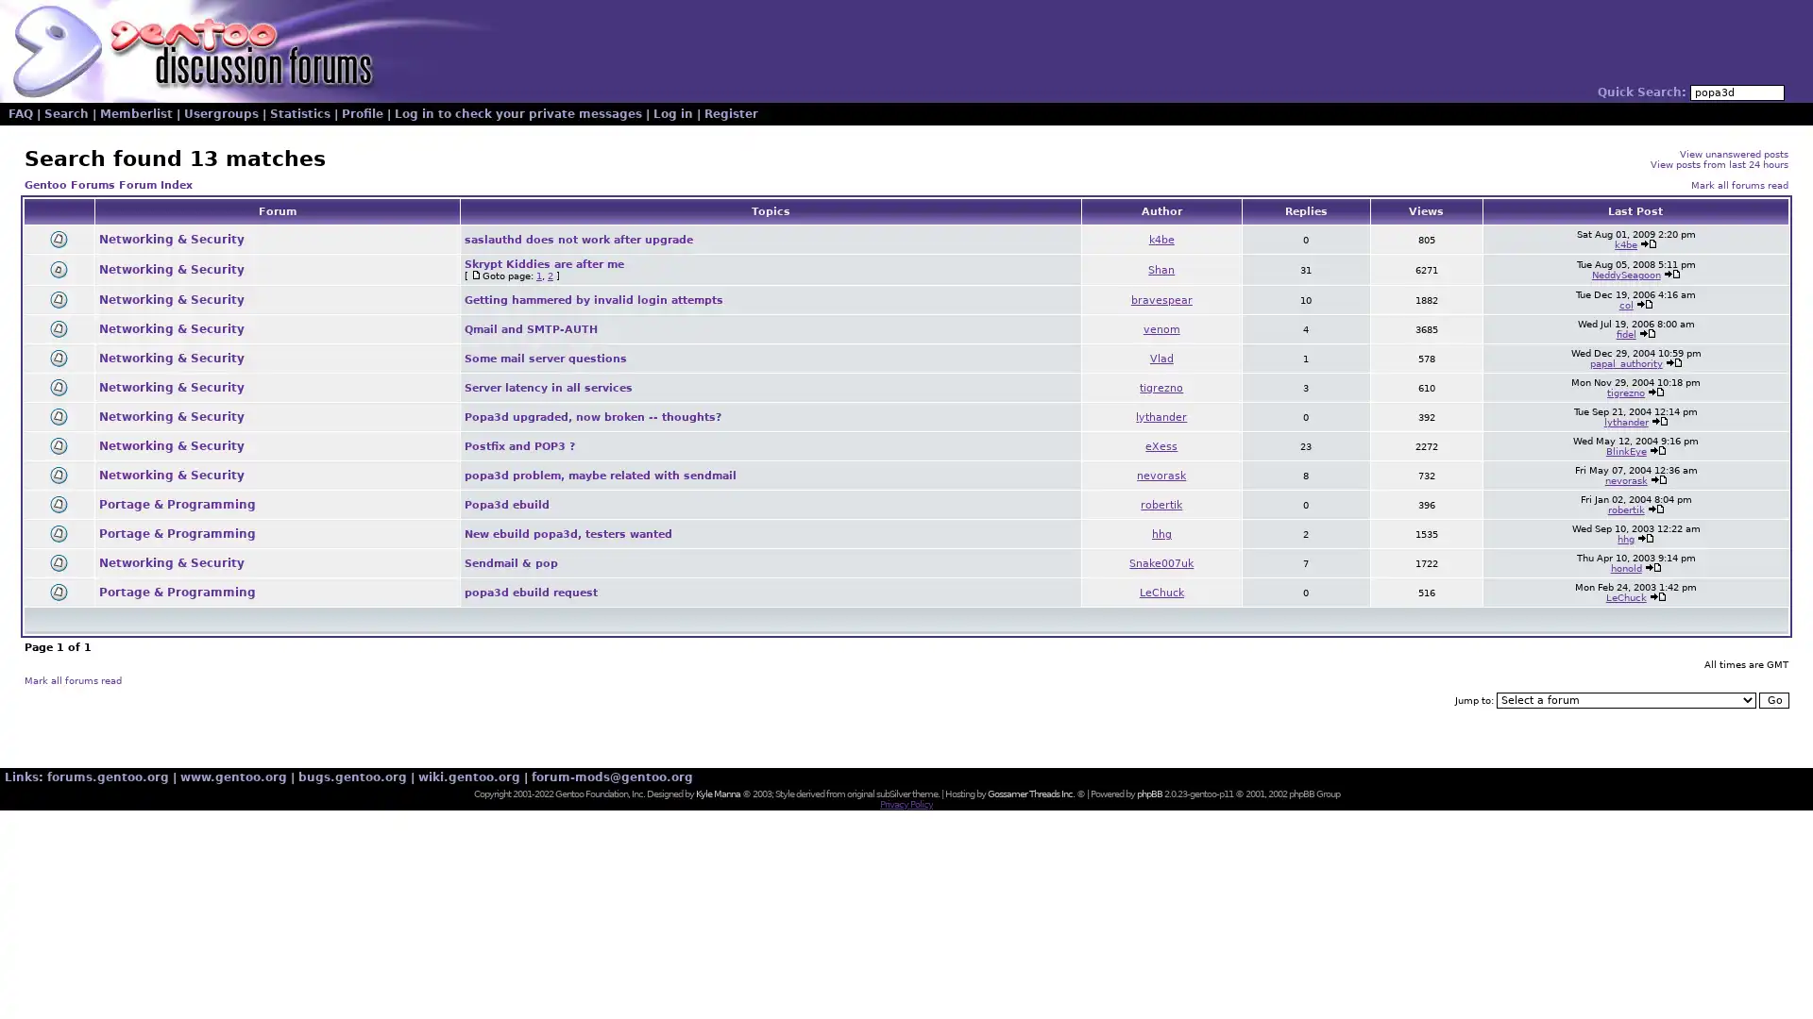 The image size is (1813, 1019). I want to click on Go, so click(1771, 700).